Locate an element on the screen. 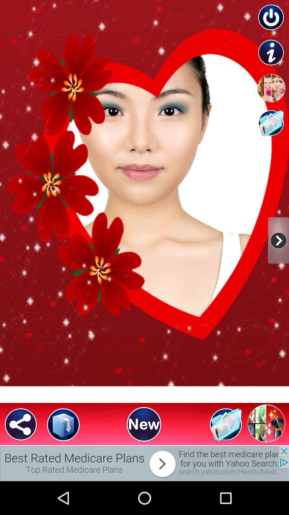 The image size is (289, 515). advertisement for medicare is located at coordinates (144, 463).